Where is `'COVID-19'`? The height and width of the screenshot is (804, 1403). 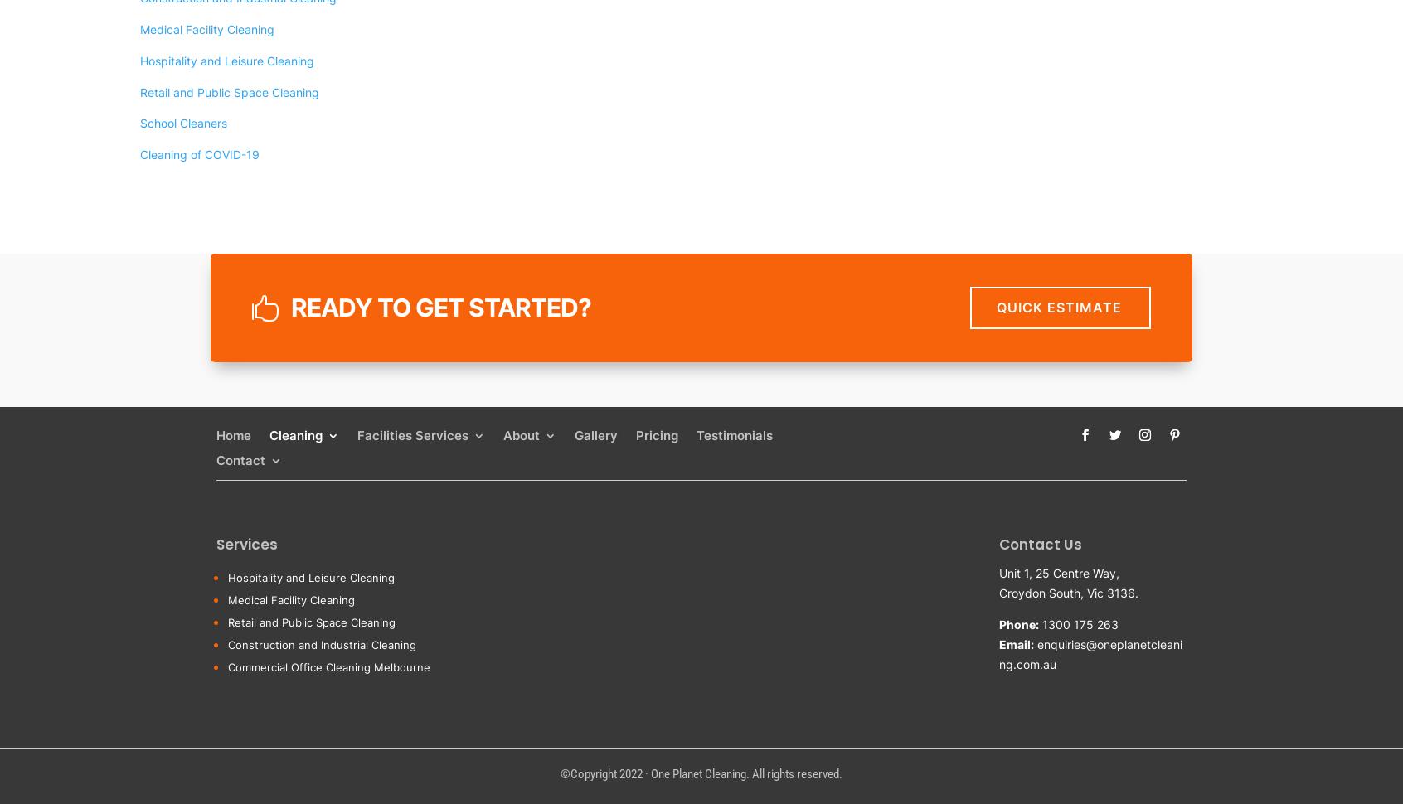 'COVID-19' is located at coordinates (323, 751).